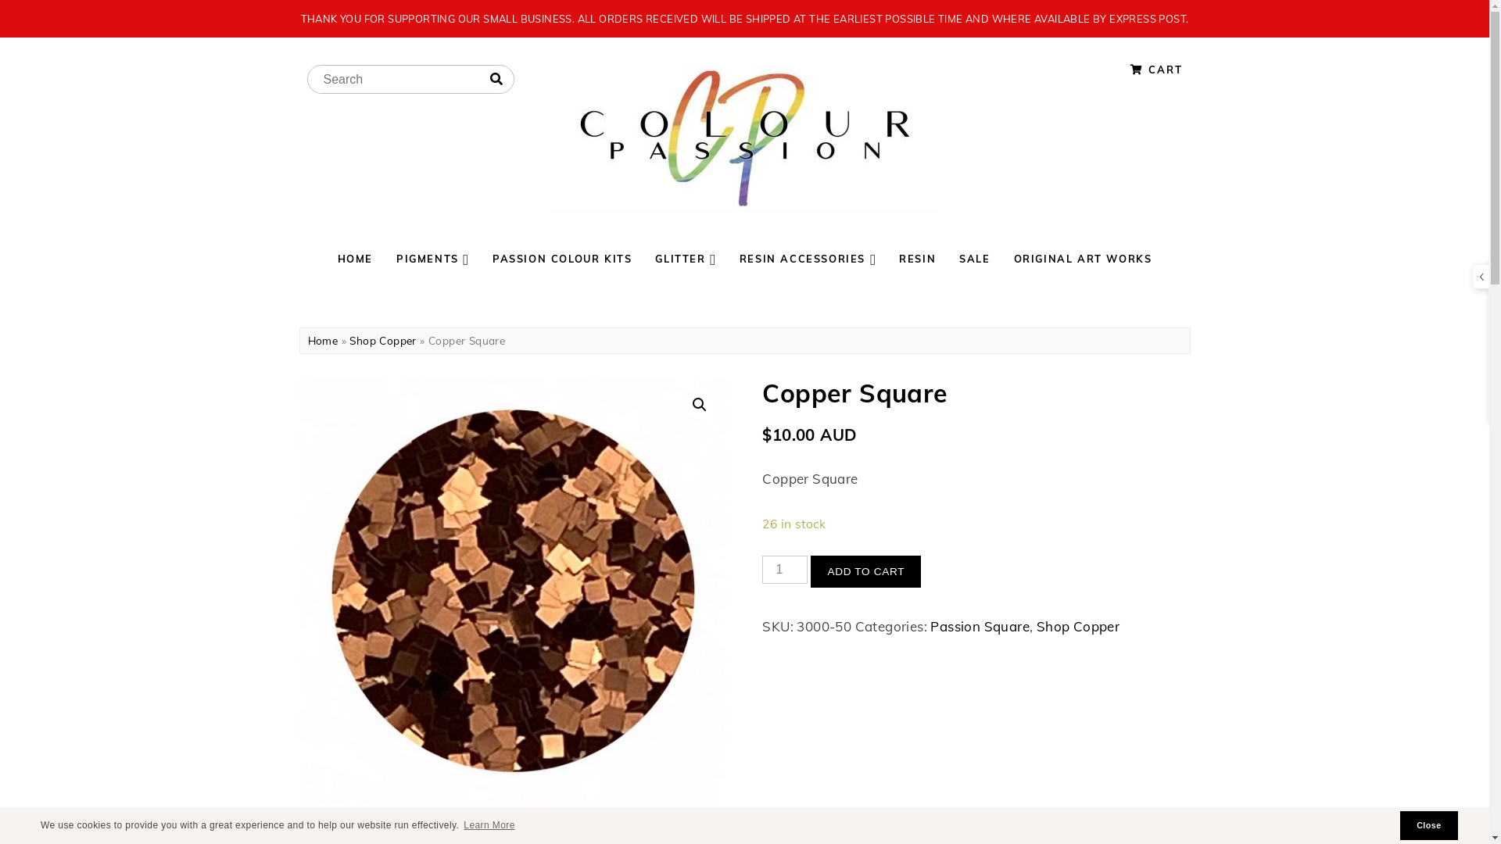  Describe the element at coordinates (917, 258) in the screenshot. I see `'RESIN'` at that location.